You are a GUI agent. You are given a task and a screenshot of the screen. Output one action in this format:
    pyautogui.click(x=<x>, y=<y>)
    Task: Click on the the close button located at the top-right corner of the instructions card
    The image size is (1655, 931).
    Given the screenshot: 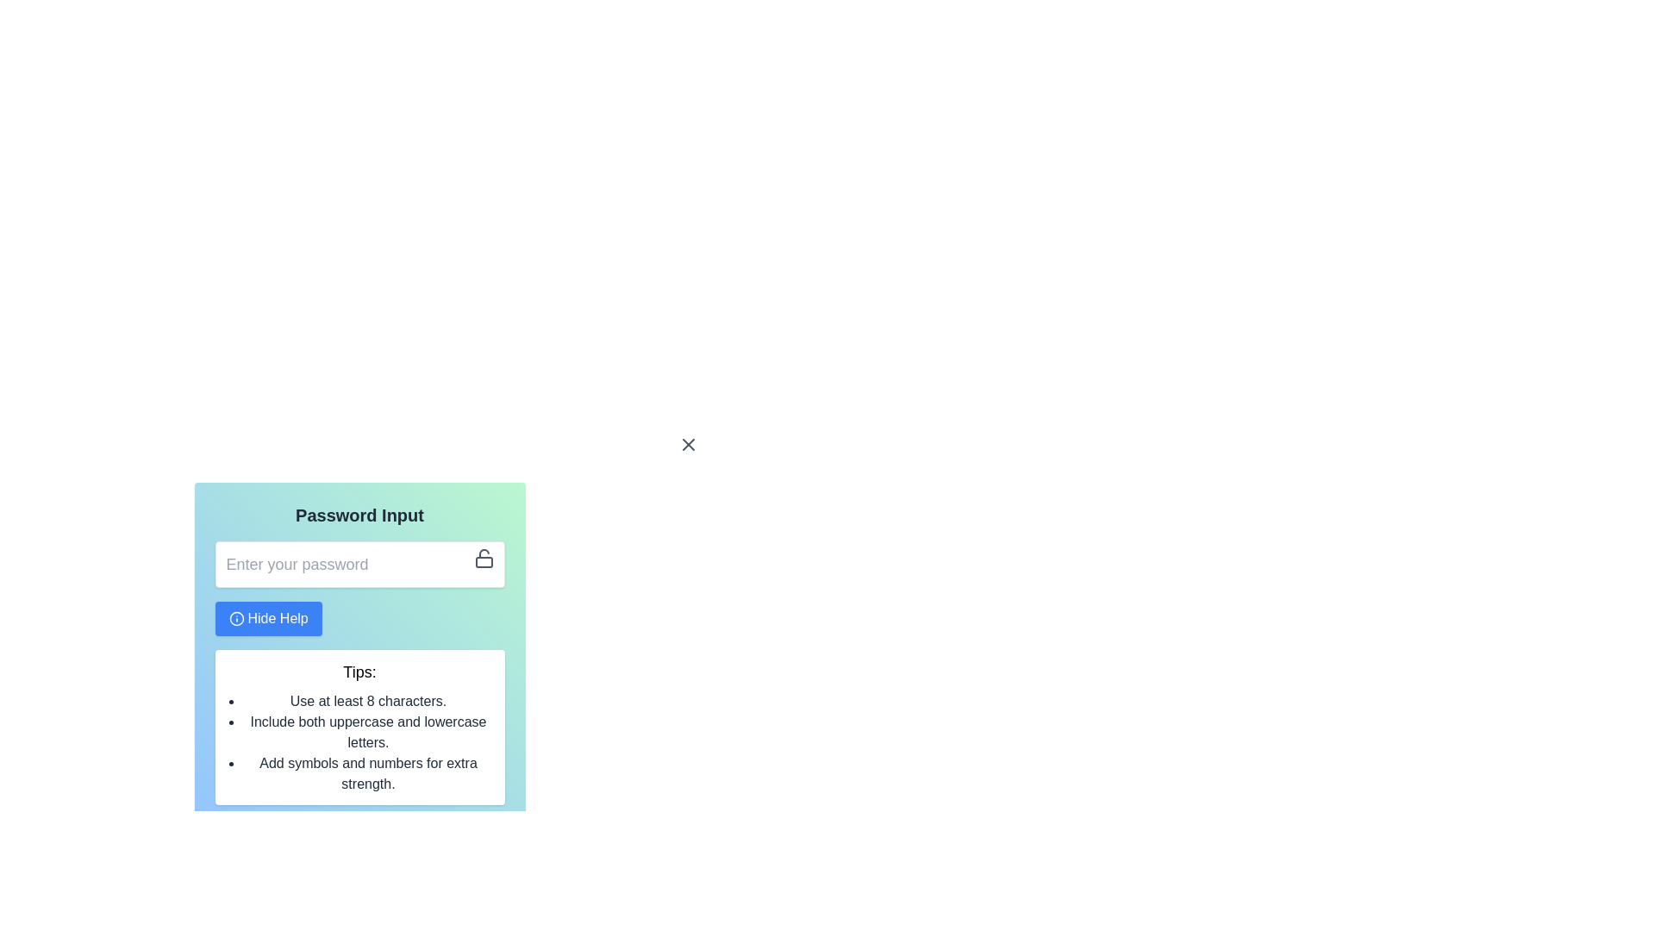 What is the action you would take?
    pyautogui.click(x=687, y=444)
    